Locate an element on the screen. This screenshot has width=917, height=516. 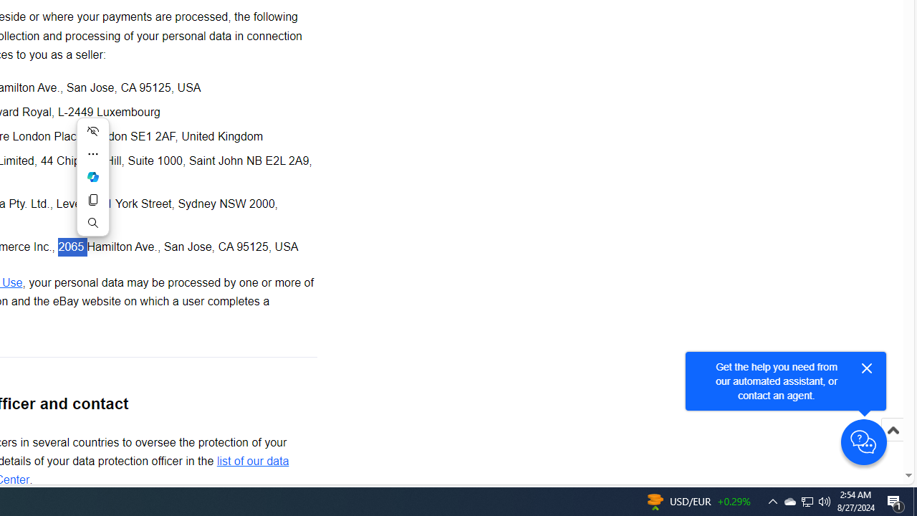
'Mini menu on text selection' is located at coordinates (92, 176).